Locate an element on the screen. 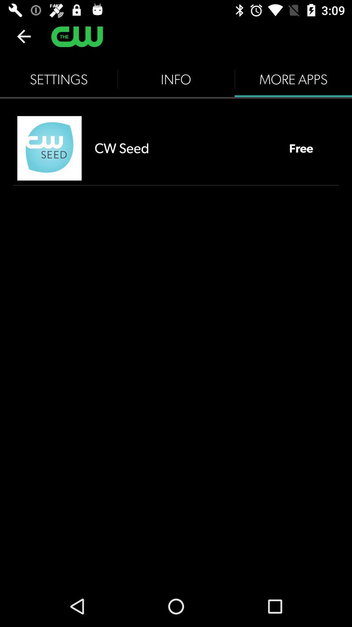 This screenshot has height=627, width=352. icon to the left of the info icon is located at coordinates (59, 79).